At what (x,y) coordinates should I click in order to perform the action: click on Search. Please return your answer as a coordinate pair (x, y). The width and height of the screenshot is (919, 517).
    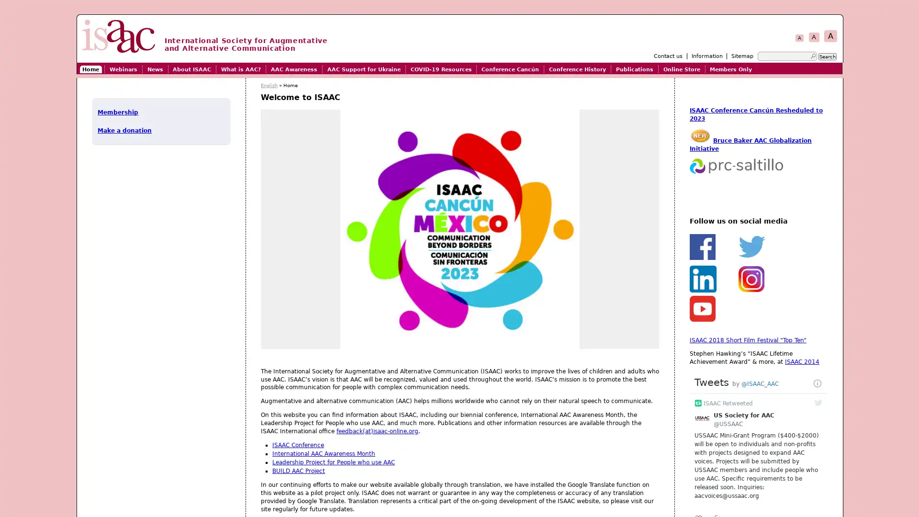
    Looking at the image, I should click on (827, 56).